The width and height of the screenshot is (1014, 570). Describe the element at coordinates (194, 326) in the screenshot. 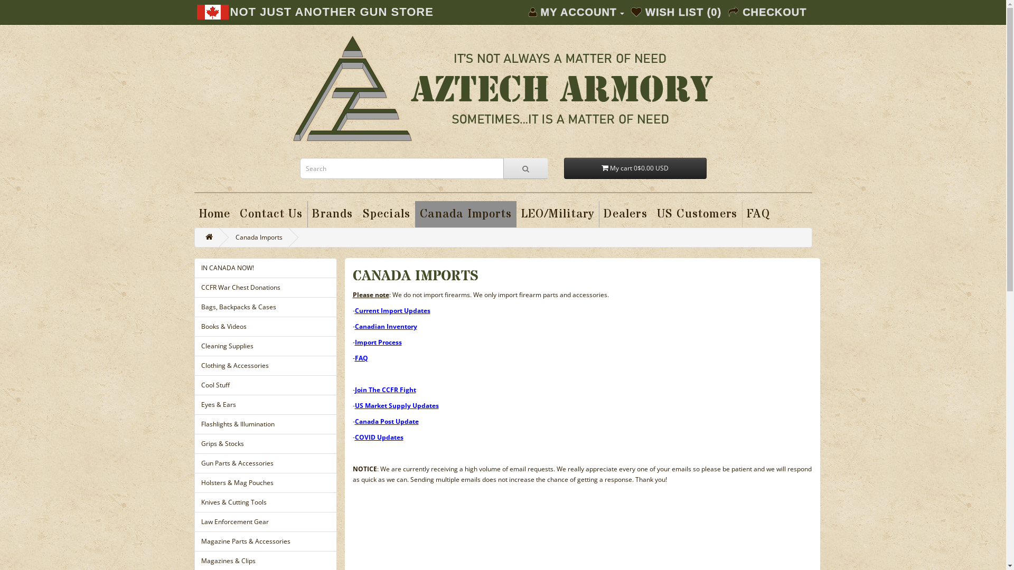

I see `'Books & Videos'` at that location.